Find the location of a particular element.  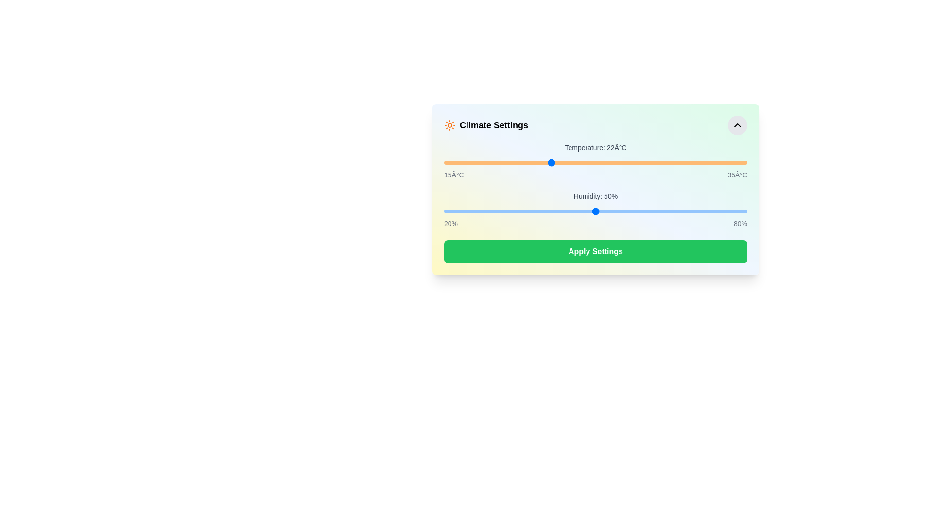

the temperature is located at coordinates (626, 162).